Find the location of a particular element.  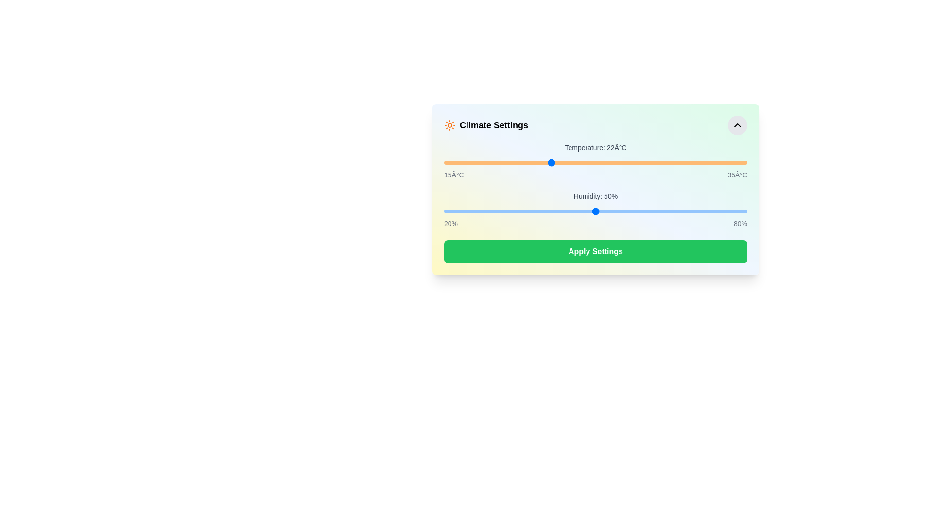

the temperature is located at coordinates (626, 162).